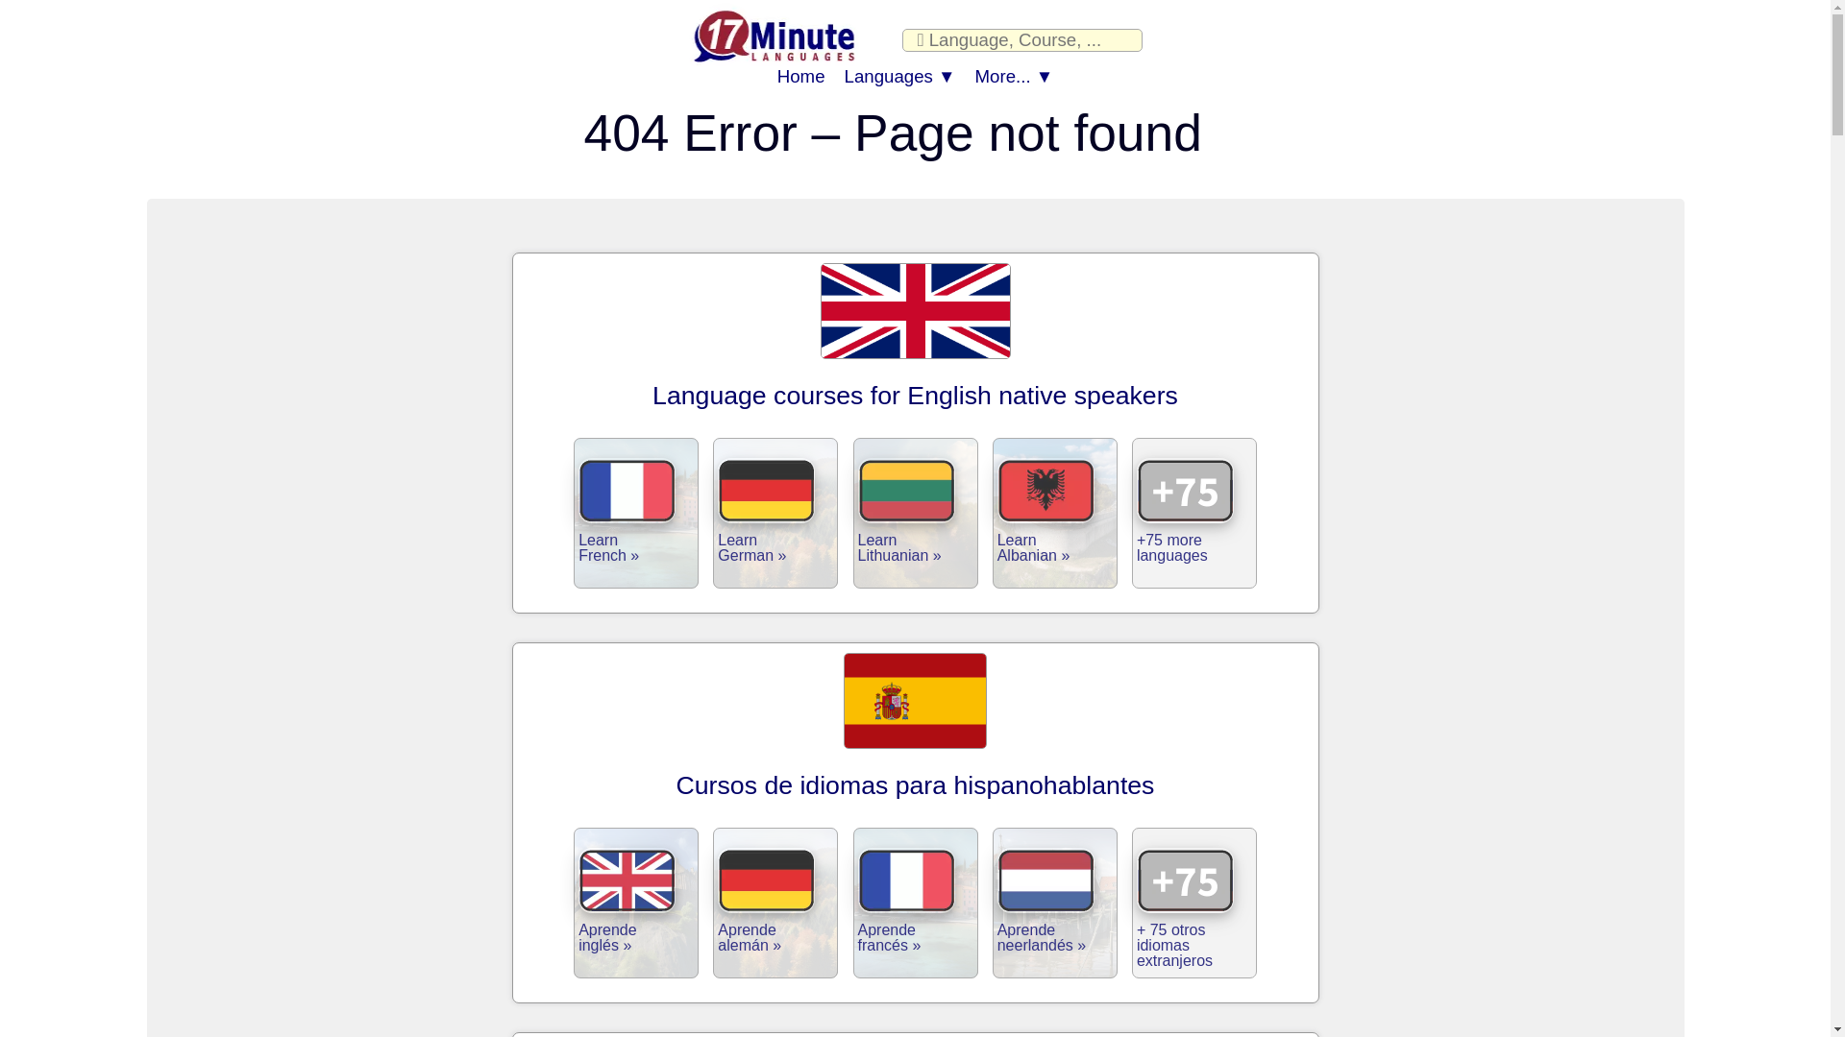  What do you see at coordinates (801, 76) in the screenshot?
I see `'Home'` at bounding box center [801, 76].